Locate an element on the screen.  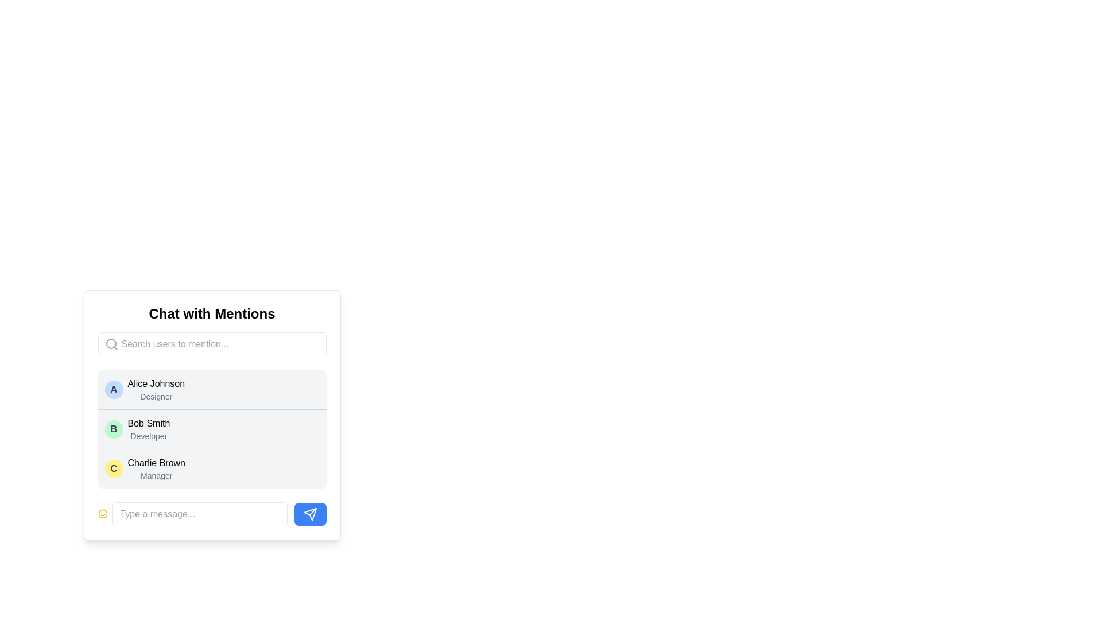
attributes of the central SVG Circle of the smiling face icon located to the left of the name 'Charlie Brown' in the user selection list is located at coordinates (103, 513).